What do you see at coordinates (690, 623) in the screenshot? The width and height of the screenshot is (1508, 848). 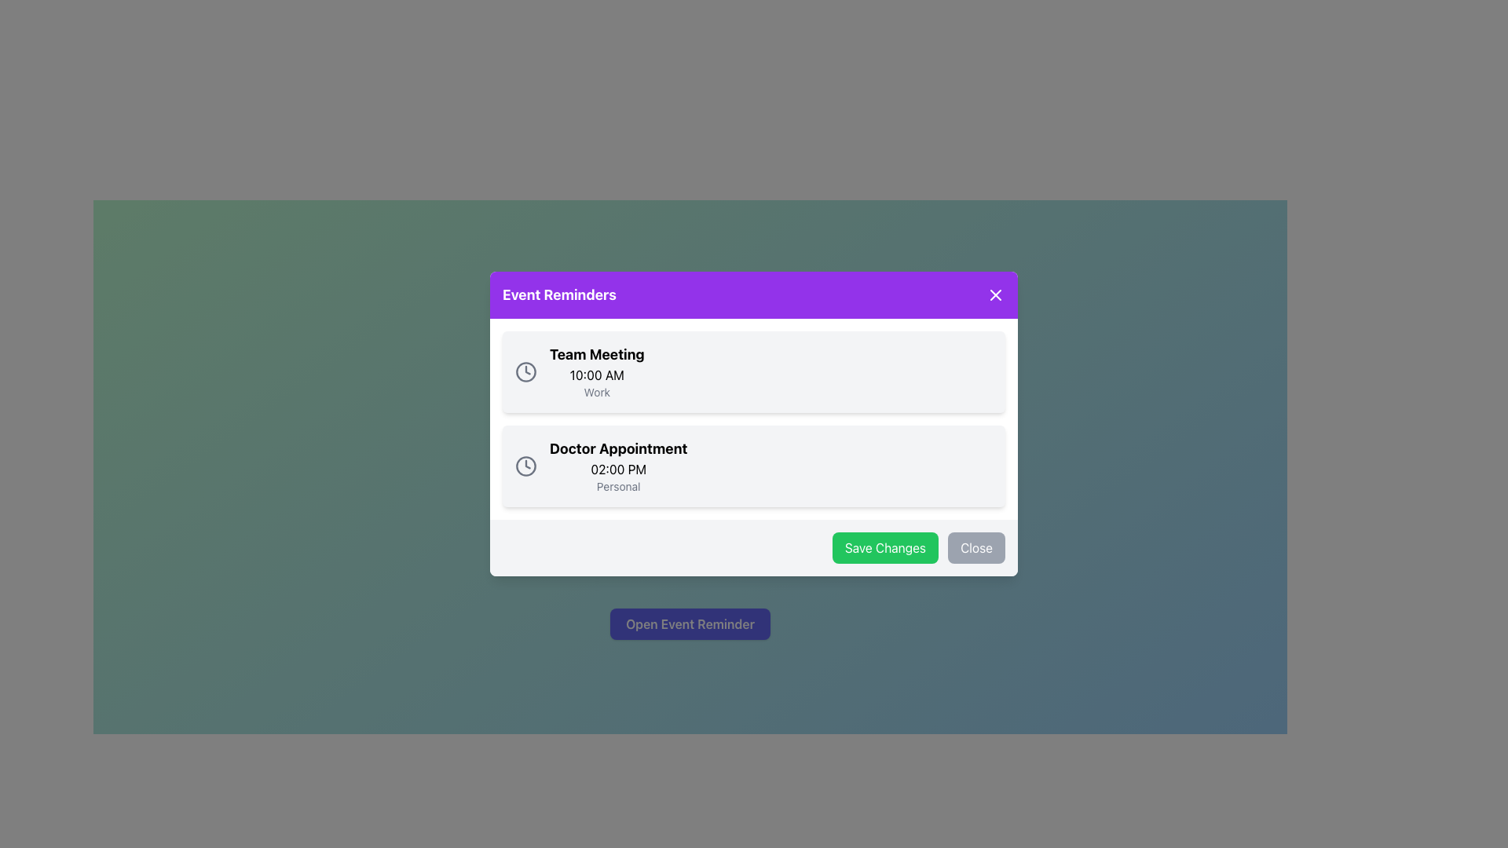 I see `the 'Open Event Reminder' button, which has a dark indigo background and white text, positioned centered horizontally near the bottom of the interface` at bounding box center [690, 623].